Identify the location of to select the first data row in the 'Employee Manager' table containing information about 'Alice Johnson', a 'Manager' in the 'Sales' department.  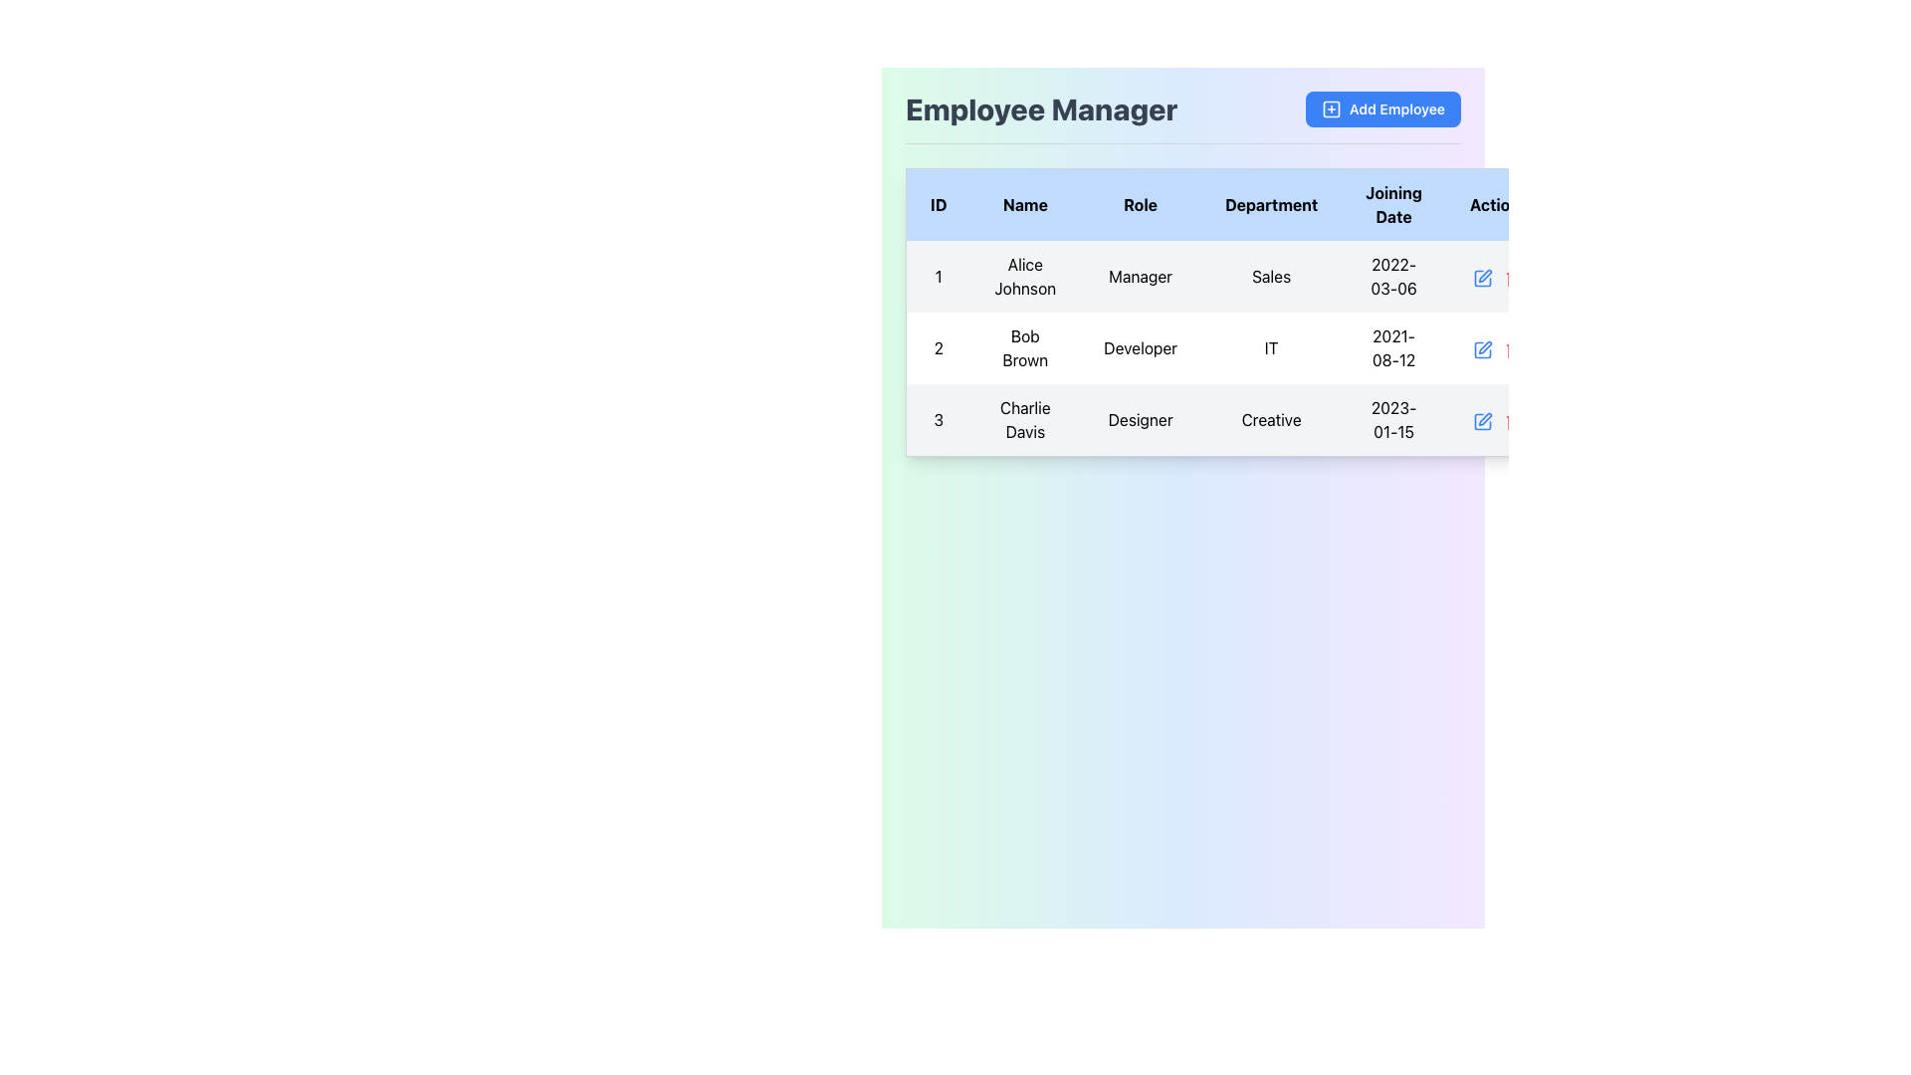
(1227, 276).